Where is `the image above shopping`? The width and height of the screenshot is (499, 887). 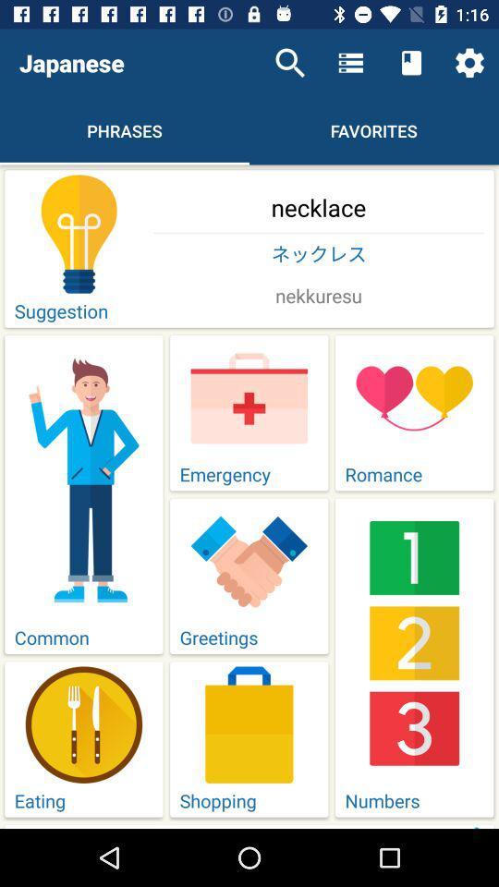
the image above shopping is located at coordinates (249, 724).